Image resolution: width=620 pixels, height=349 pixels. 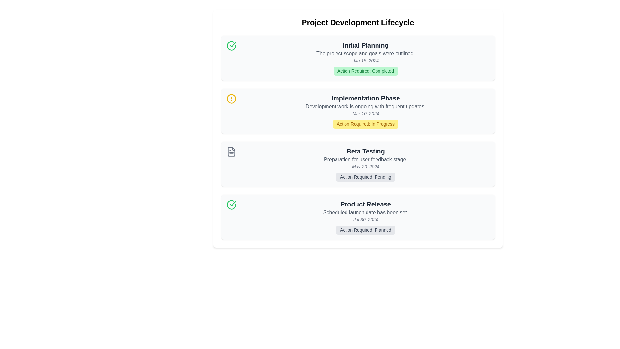 I want to click on the static text displaying 'Mar 10, 2024', which is located below the description 'Development work is ongoing with frequent updates.' and above the yellow tag labeled 'Action Required: In Progress.', so click(x=366, y=113).